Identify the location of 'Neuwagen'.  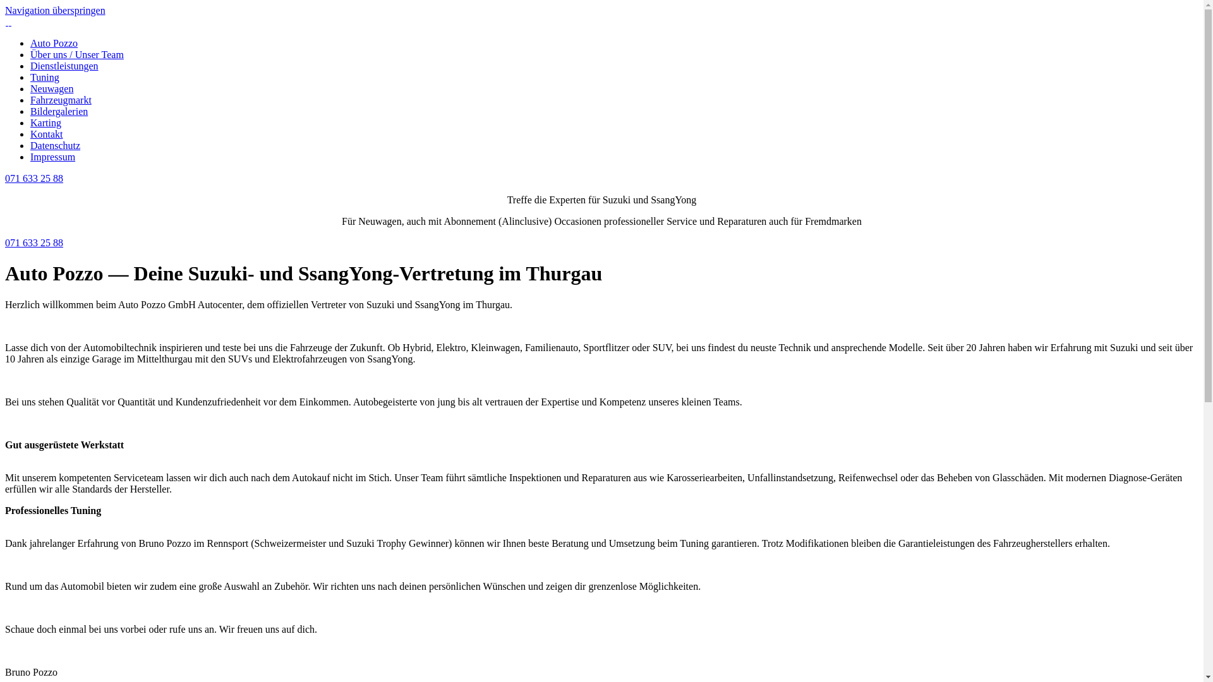
(30, 88).